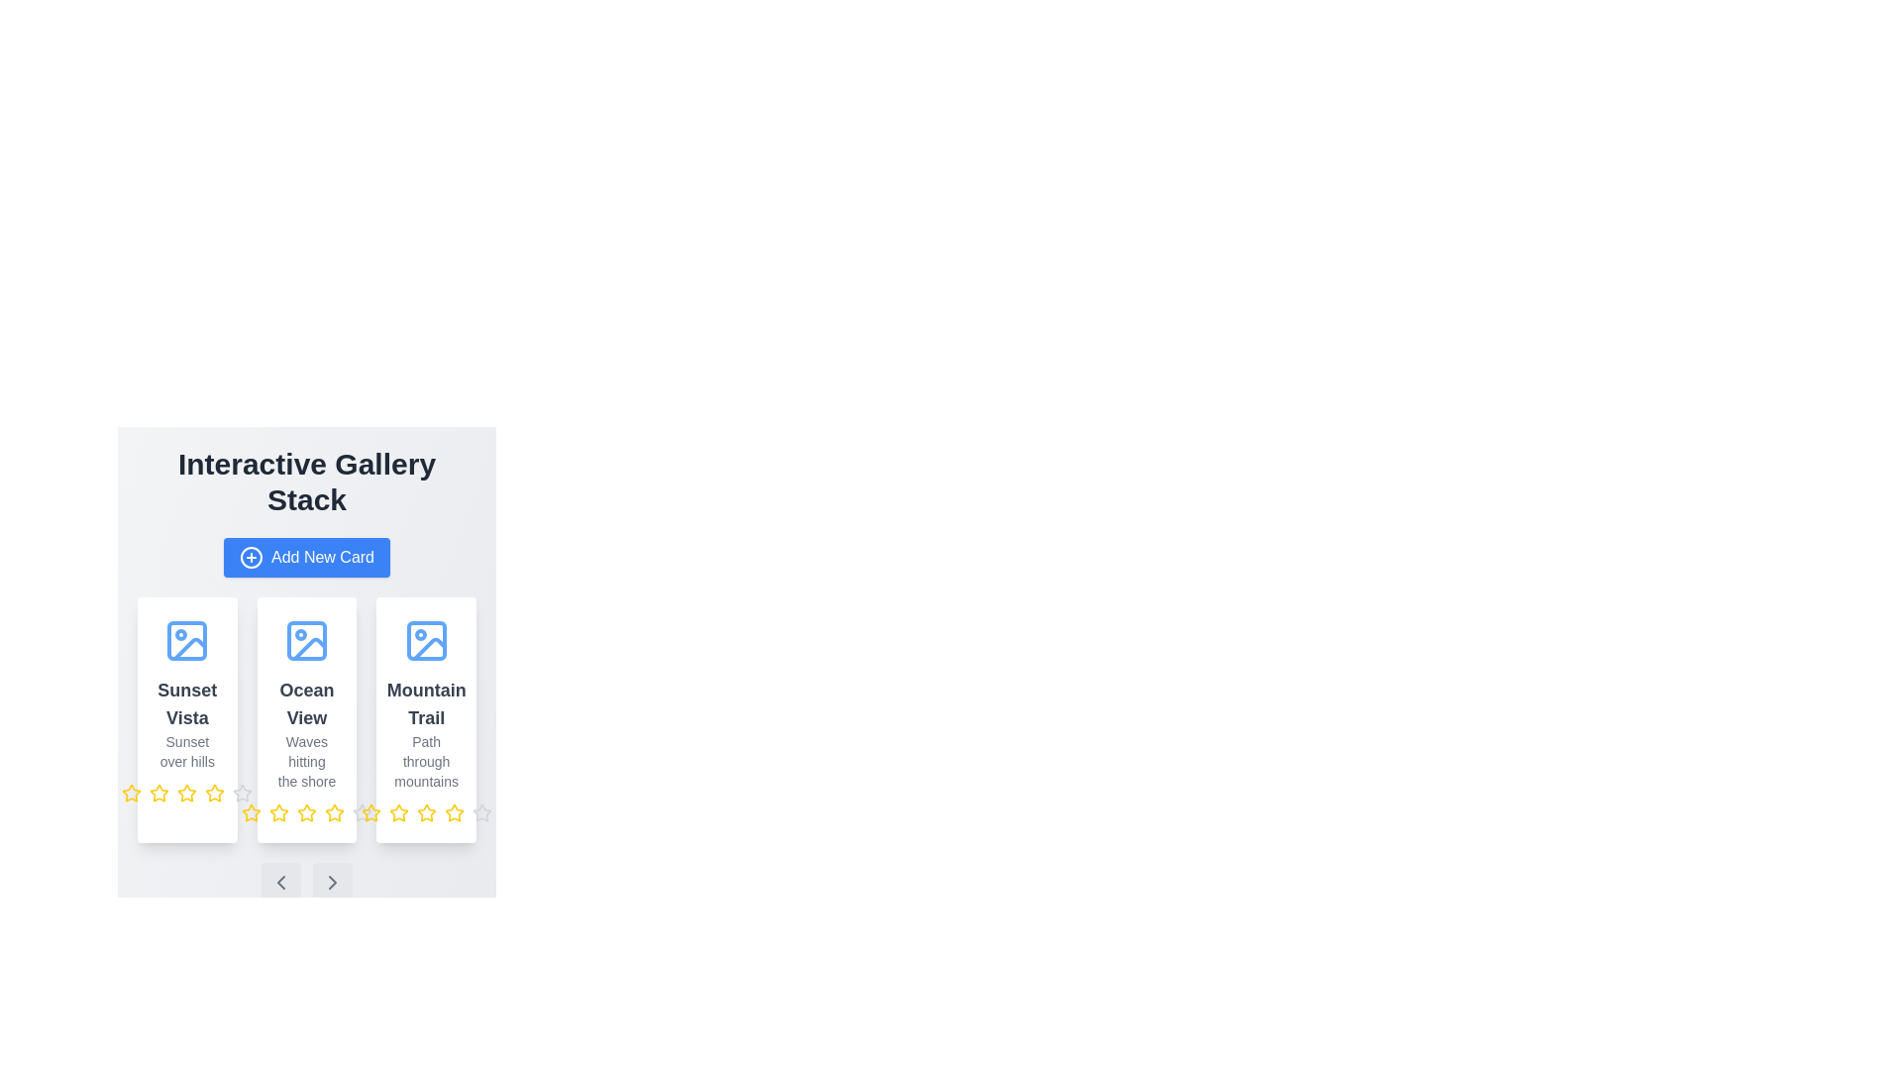  What do you see at coordinates (242, 792) in the screenshot?
I see `the second star-shaped icon in the row beneath the 'Sunset Vista' title, which is styled in a light gray tone` at bounding box center [242, 792].